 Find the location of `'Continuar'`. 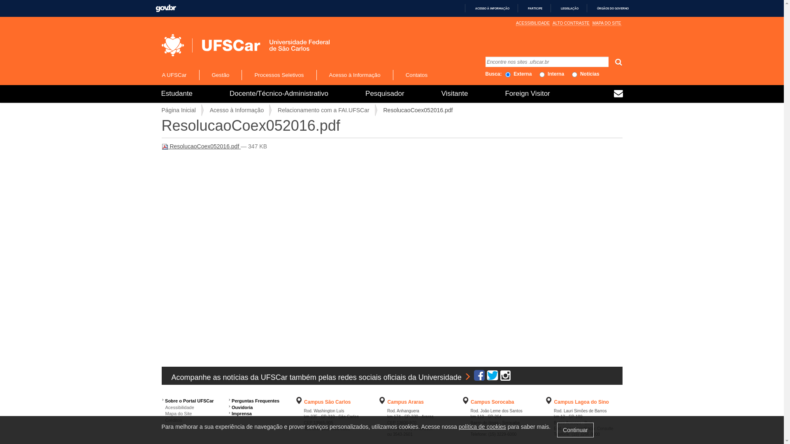

'Continuar' is located at coordinates (575, 429).